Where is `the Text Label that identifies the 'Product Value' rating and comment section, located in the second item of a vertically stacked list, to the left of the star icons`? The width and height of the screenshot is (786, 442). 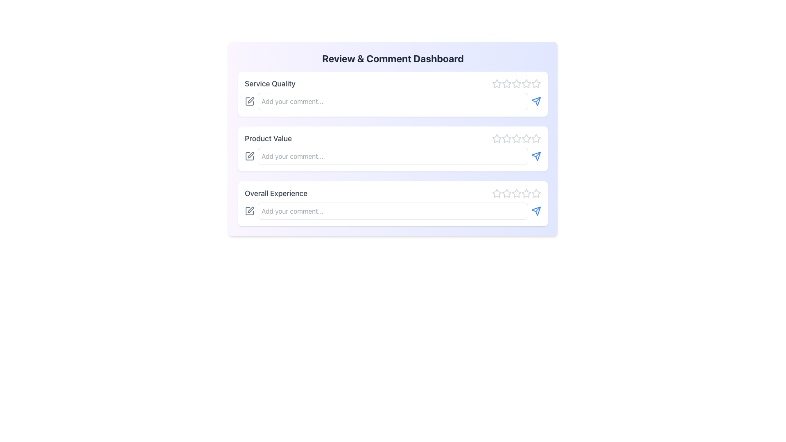 the Text Label that identifies the 'Product Value' rating and comment section, located in the second item of a vertically stacked list, to the left of the star icons is located at coordinates (268, 138).